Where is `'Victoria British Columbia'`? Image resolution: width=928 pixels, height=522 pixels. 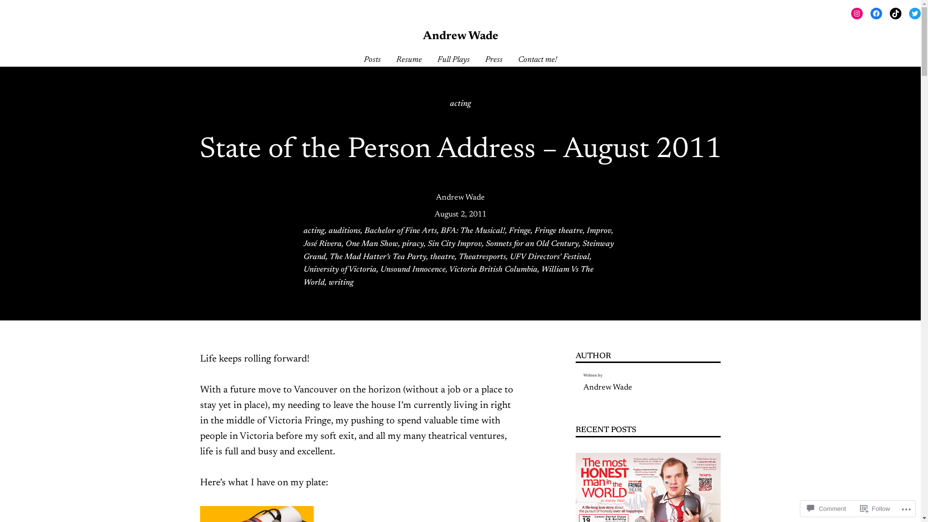 'Victoria British Columbia' is located at coordinates (493, 270).